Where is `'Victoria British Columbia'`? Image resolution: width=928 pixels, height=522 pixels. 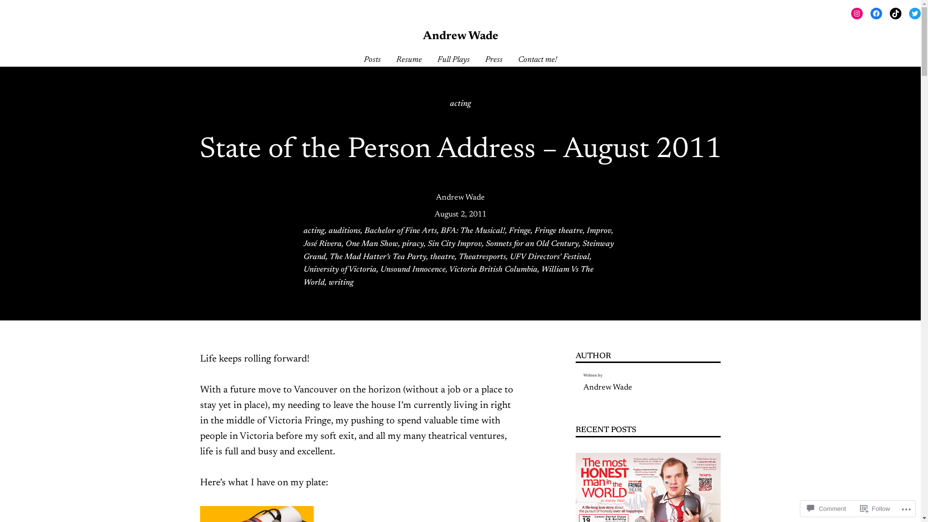 'Victoria British Columbia' is located at coordinates (493, 270).